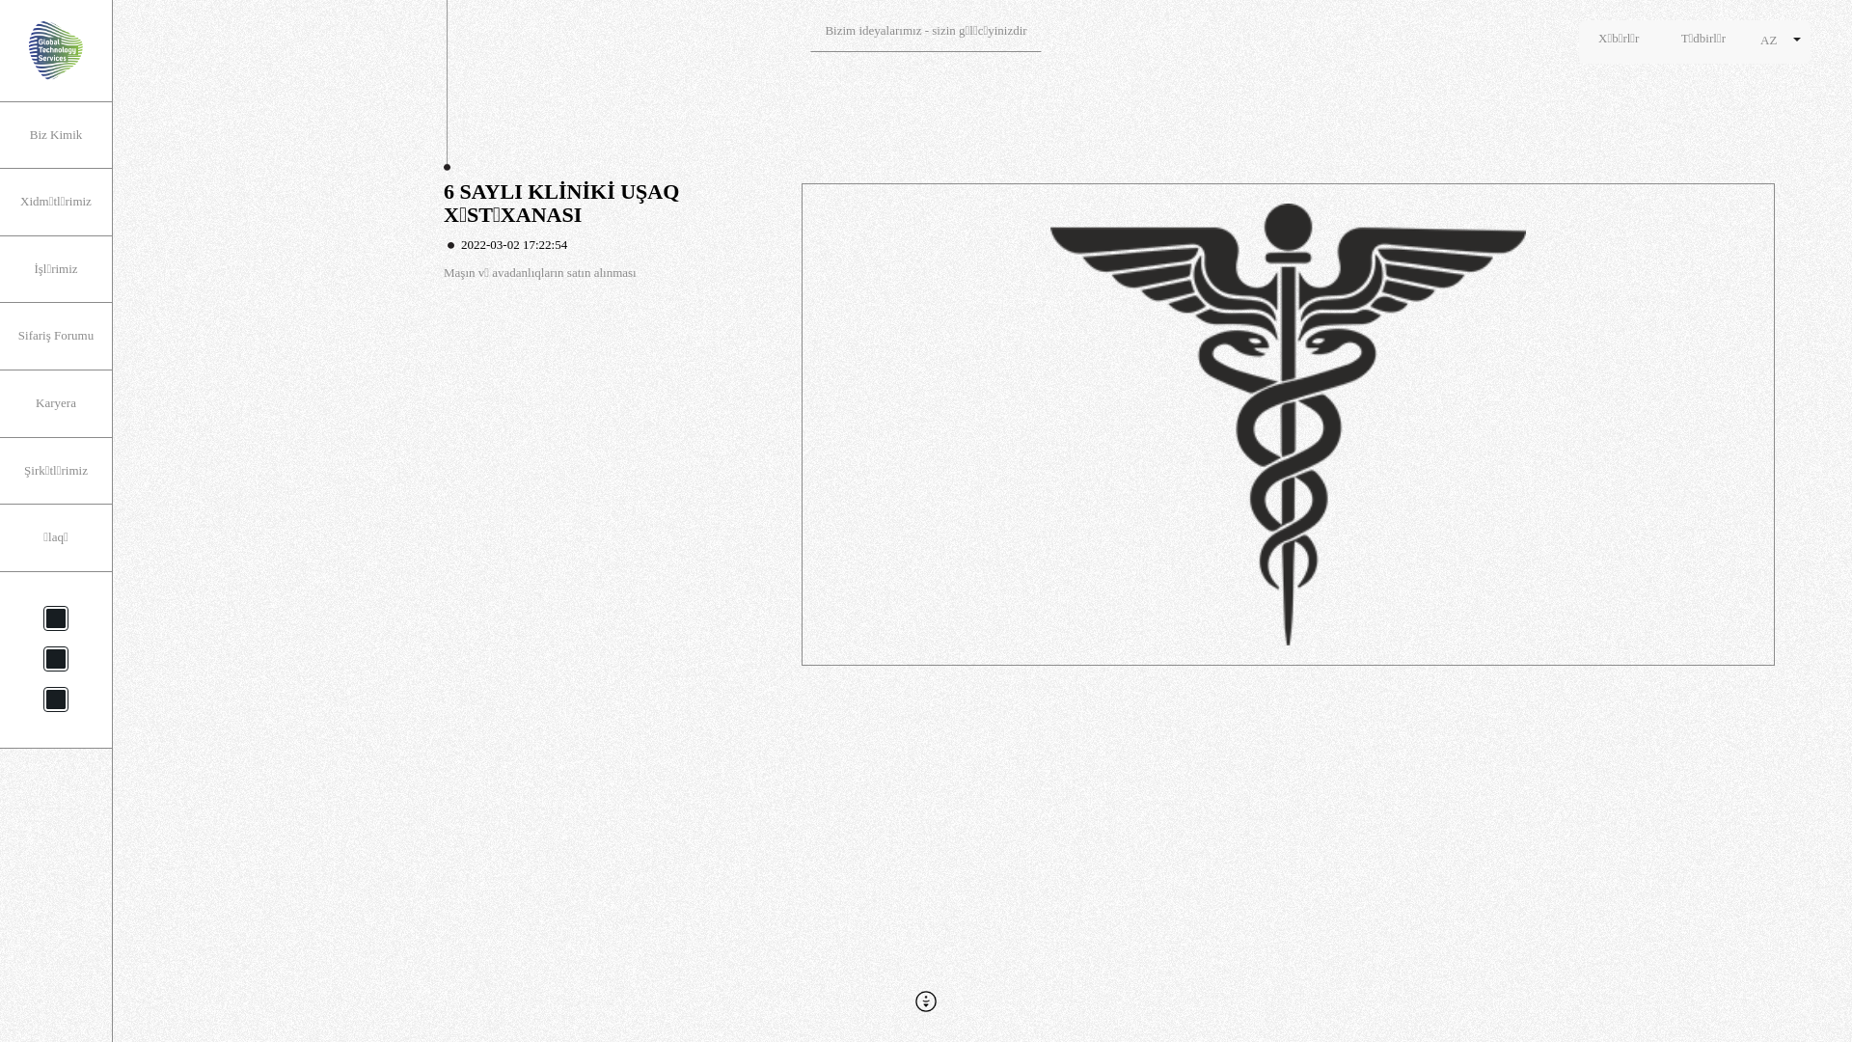  What do you see at coordinates (55, 402) in the screenshot?
I see `'Karyera'` at bounding box center [55, 402].